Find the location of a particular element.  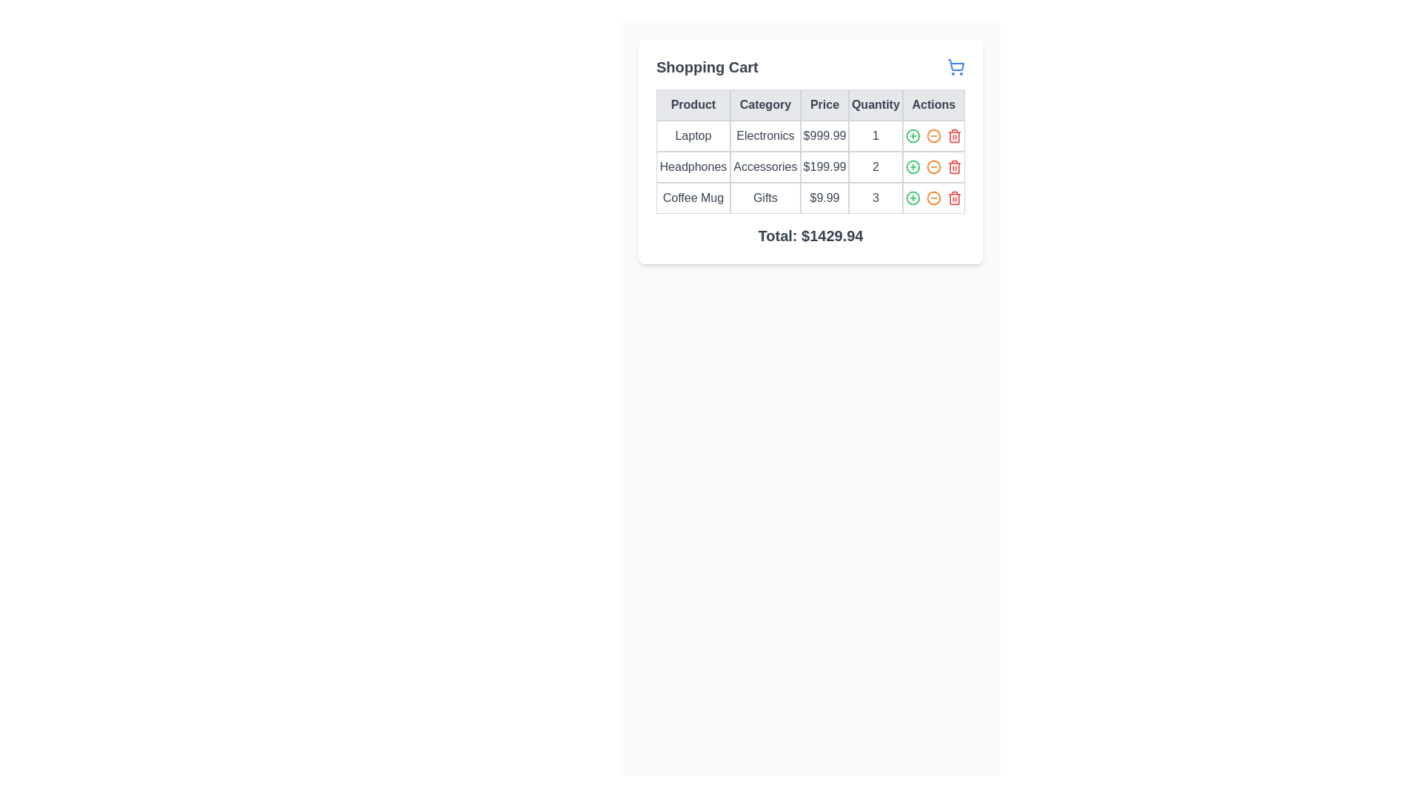

content displayed in the price text box for the 'Headphones' product in the shopping cart, located in the third column of the second row of the 'Shopping Cart' table is located at coordinates (824, 166).